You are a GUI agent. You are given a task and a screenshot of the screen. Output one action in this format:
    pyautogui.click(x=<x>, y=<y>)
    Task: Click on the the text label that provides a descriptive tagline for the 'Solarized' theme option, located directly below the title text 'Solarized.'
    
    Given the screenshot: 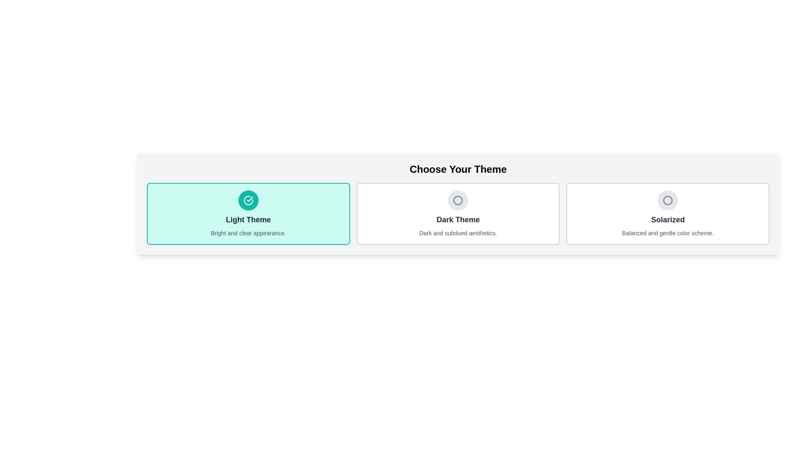 What is the action you would take?
    pyautogui.click(x=667, y=233)
    